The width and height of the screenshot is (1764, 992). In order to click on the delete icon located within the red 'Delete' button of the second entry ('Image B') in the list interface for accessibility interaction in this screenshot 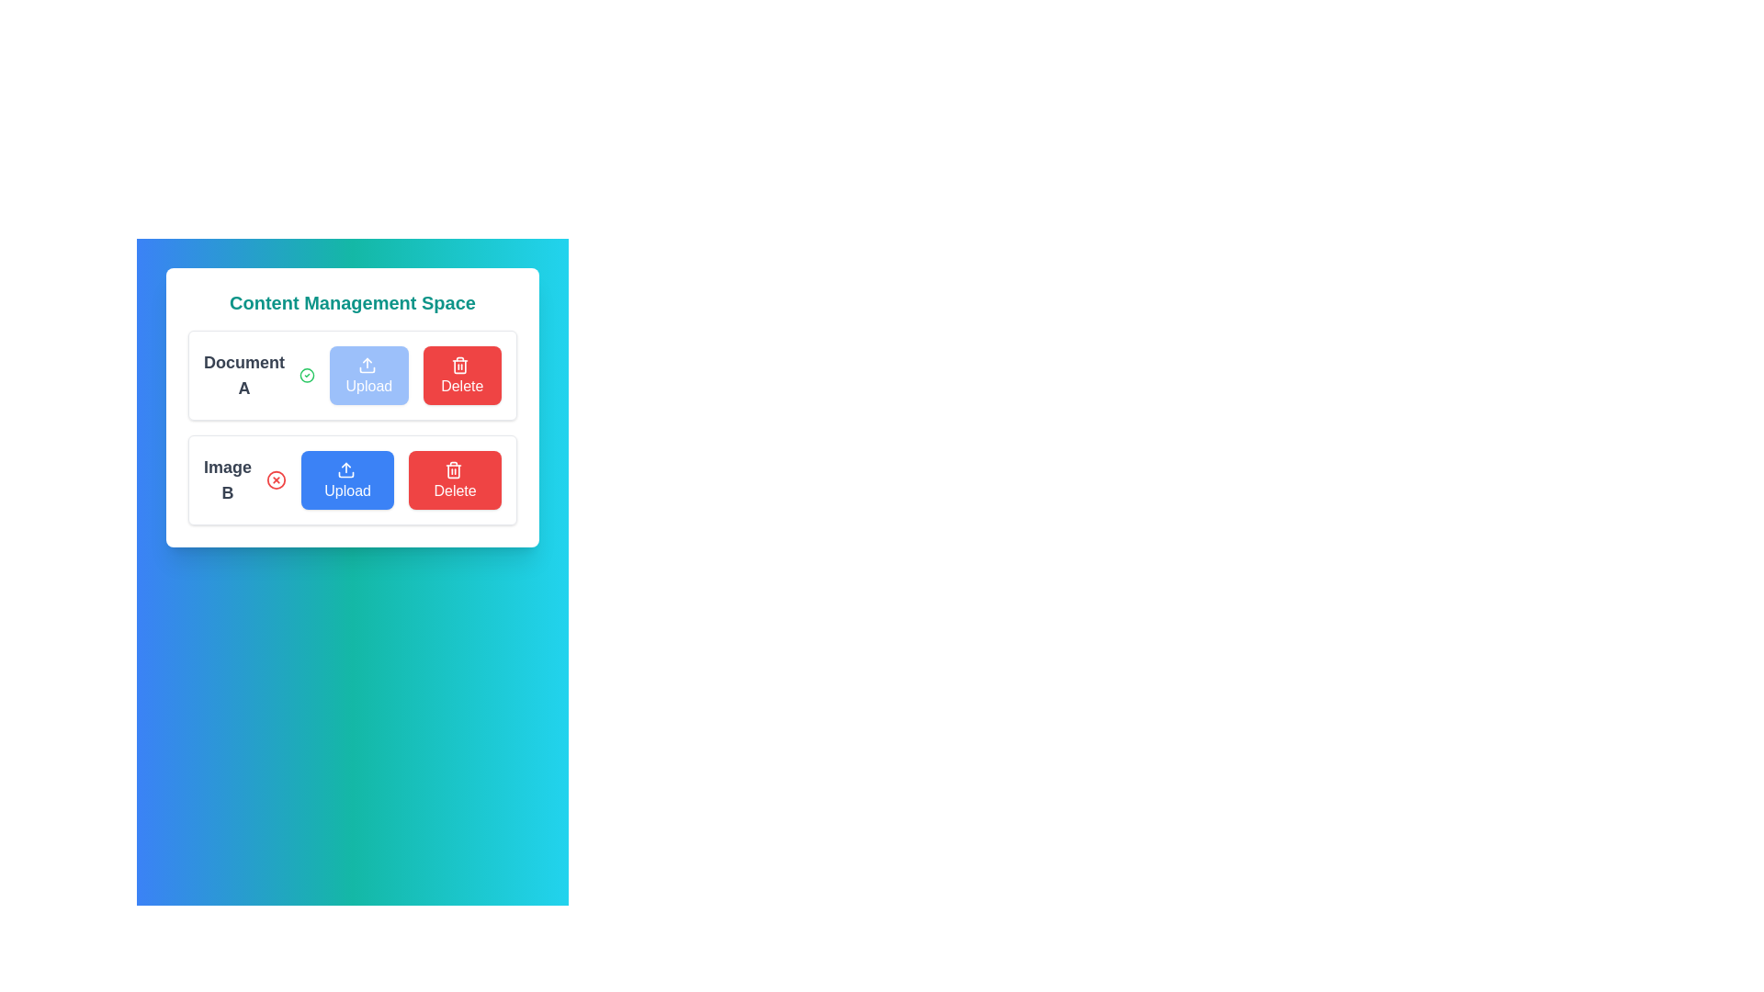, I will do `click(453, 468)`.